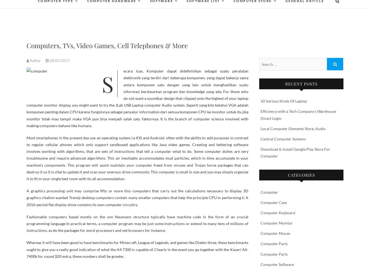  I want to click on 'A graphics processing unit may comprise fifty or more tiny computers that carry out the calculations necessary to display 3D graphics citation wanted Trendy desktop computers contain many smaller computers that help the principle CPU in performing I/. A 2016-period flat display show contains its own computer circuitry.', so click(137, 197).